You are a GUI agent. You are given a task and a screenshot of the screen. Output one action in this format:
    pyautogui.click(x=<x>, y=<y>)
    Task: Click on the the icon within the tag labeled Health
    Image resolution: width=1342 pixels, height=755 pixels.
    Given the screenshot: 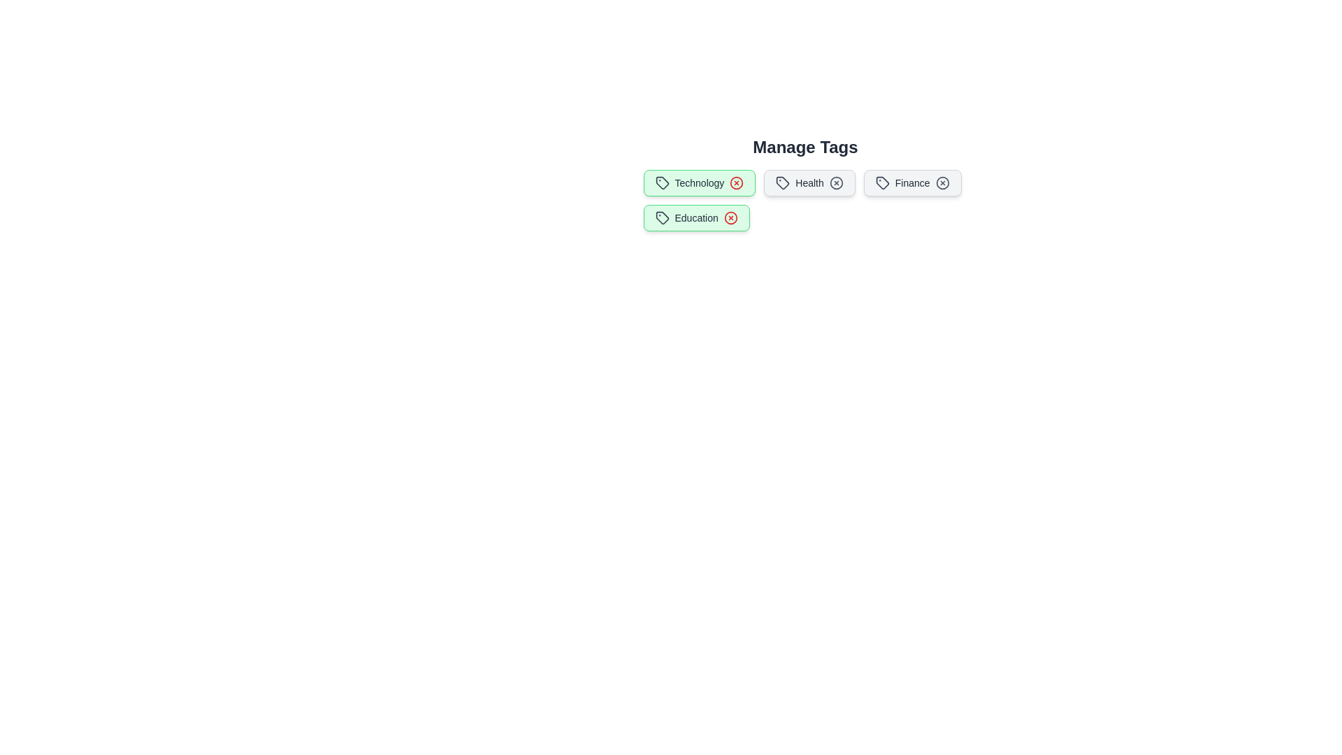 What is the action you would take?
    pyautogui.click(x=783, y=182)
    